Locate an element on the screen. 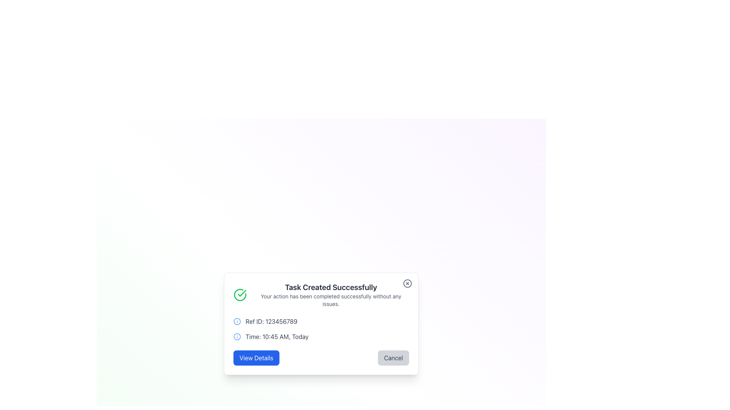 This screenshot has width=730, height=410. the central circle of the info icon, which is part of the notification dialog box located to the left of the 'Ref ID' text is located at coordinates (237, 336).